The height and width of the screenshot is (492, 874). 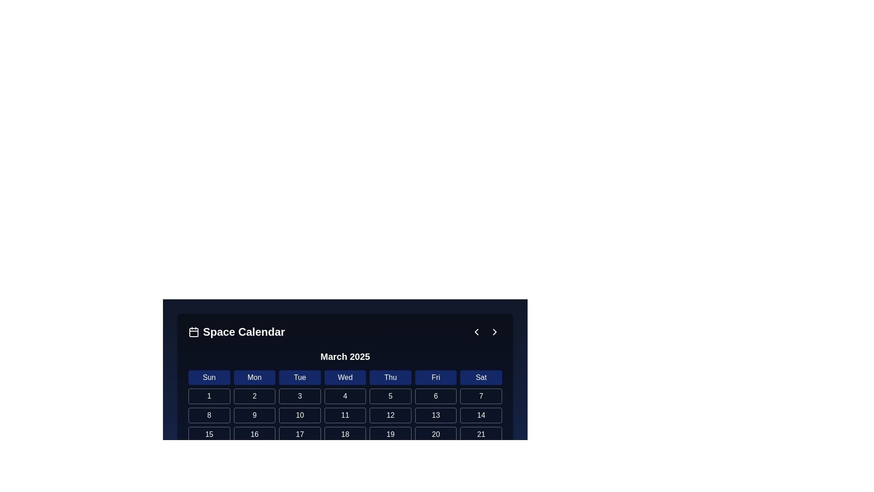 I want to click on or highlight the date represented by the 29th day cell in the calendar, located in the last row and first column beneath the 'Sun' column, so click(x=208, y=472).